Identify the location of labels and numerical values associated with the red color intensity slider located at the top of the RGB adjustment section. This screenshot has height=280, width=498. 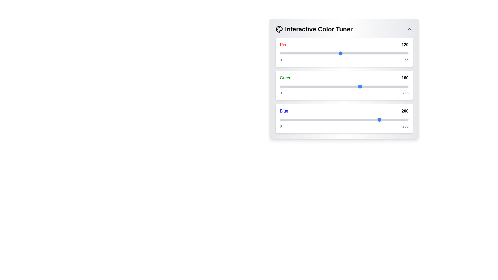
(344, 52).